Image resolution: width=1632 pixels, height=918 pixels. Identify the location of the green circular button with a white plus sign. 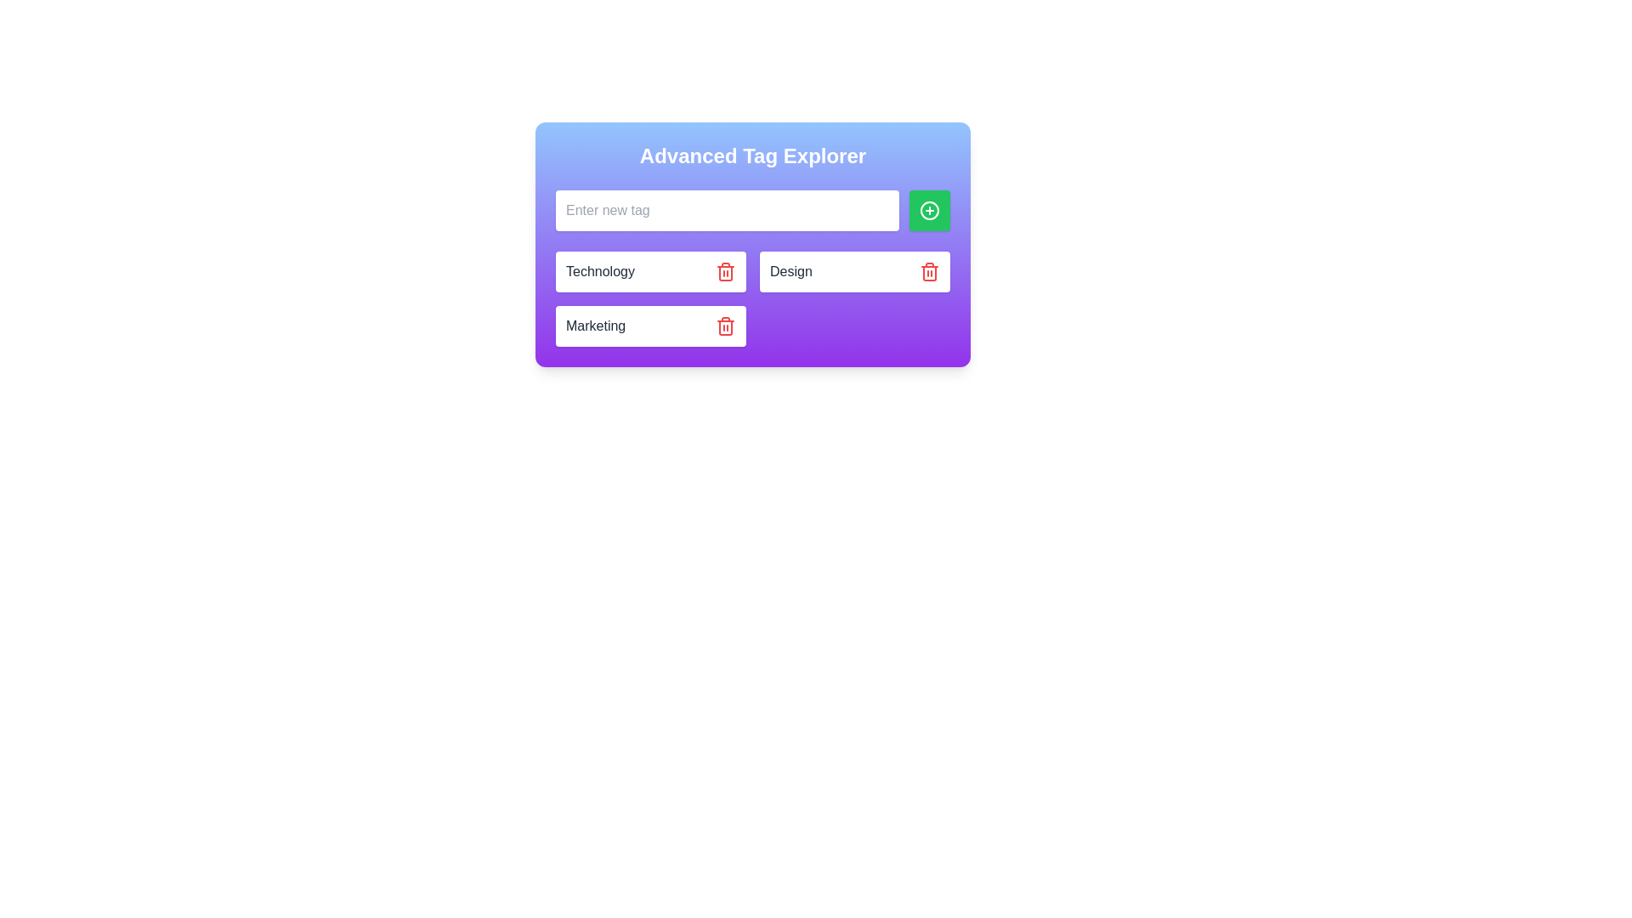
(929, 209).